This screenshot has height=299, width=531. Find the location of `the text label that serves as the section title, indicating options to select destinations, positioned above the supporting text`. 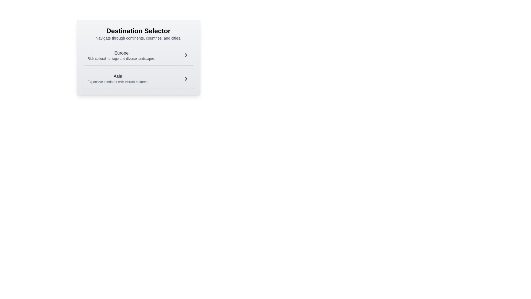

the text label that serves as the section title, indicating options to select destinations, positioned above the supporting text is located at coordinates (138, 31).